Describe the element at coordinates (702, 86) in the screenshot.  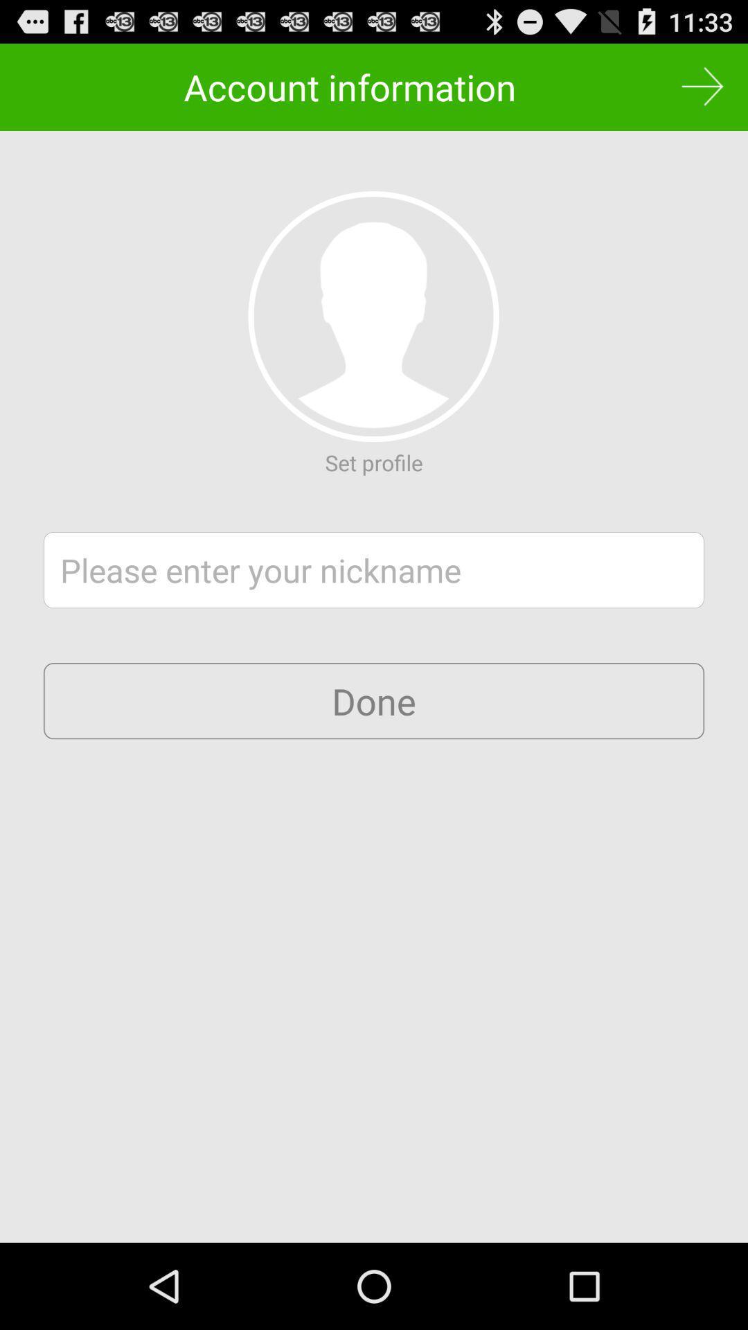
I see `next page` at that location.